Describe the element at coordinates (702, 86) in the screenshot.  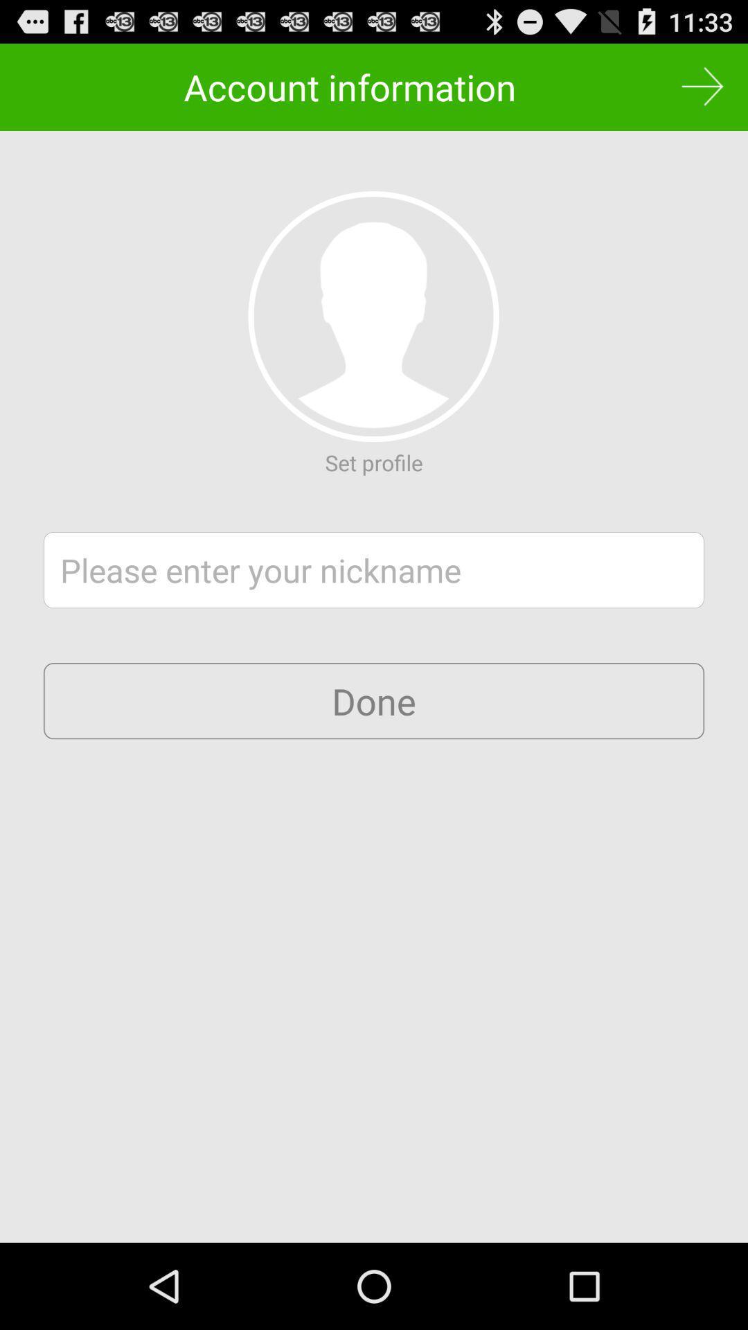
I see `next page` at that location.